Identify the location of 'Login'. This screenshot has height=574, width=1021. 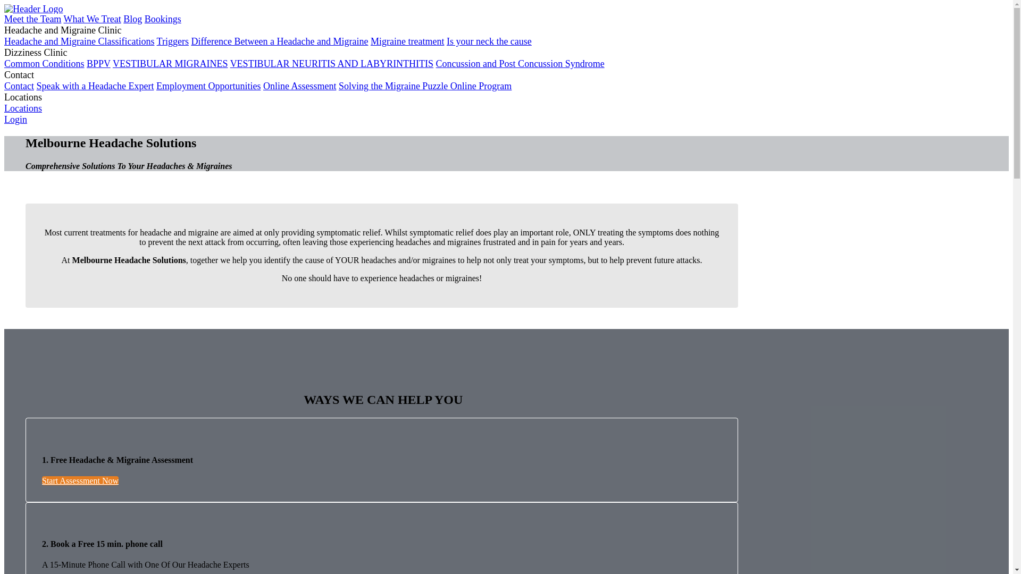
(15, 119).